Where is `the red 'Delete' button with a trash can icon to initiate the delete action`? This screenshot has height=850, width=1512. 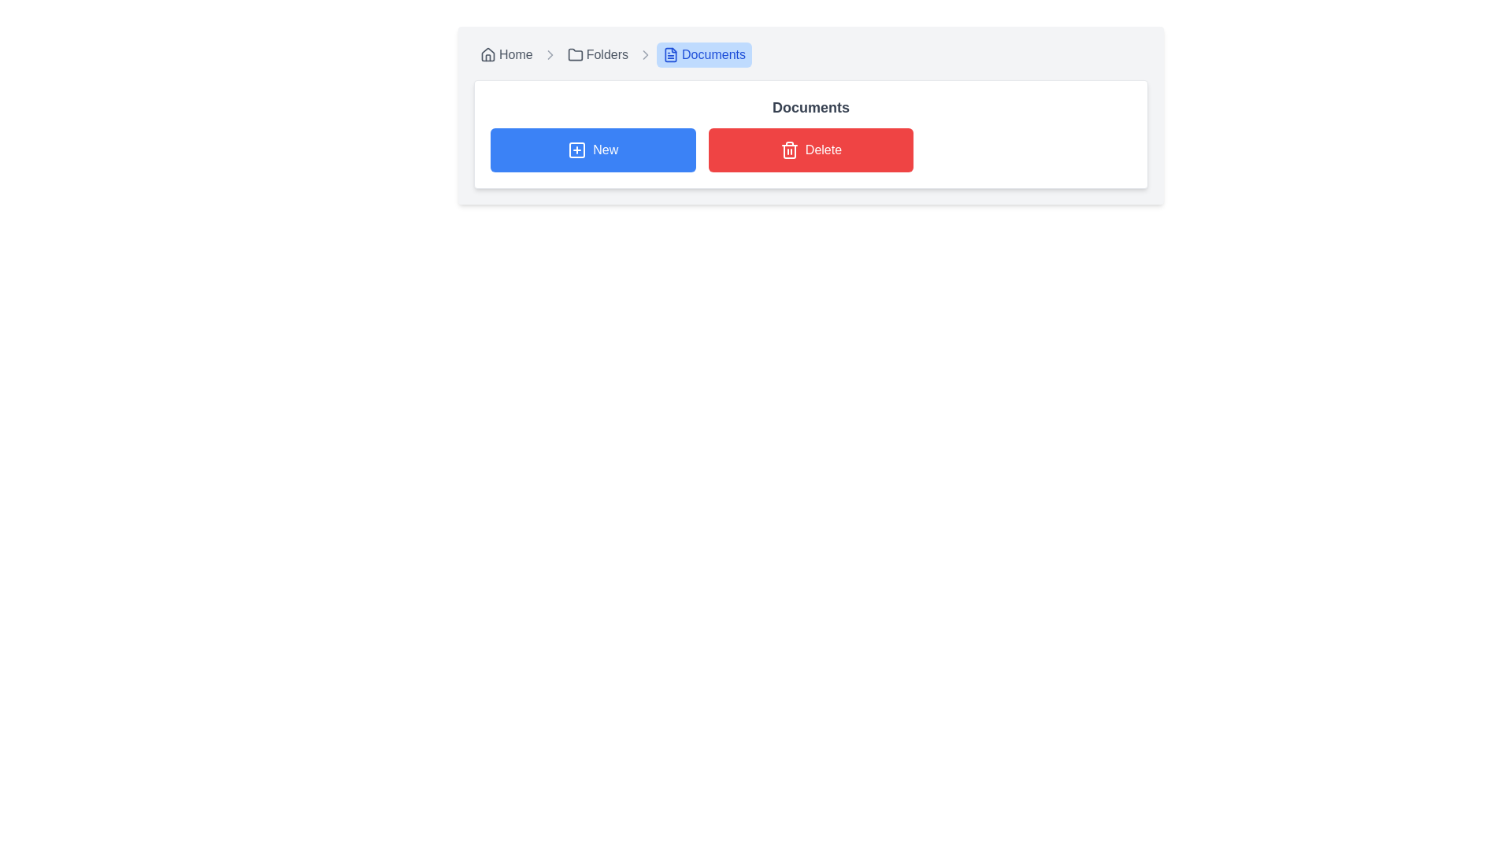 the red 'Delete' button with a trash can icon to initiate the delete action is located at coordinates (811, 150).